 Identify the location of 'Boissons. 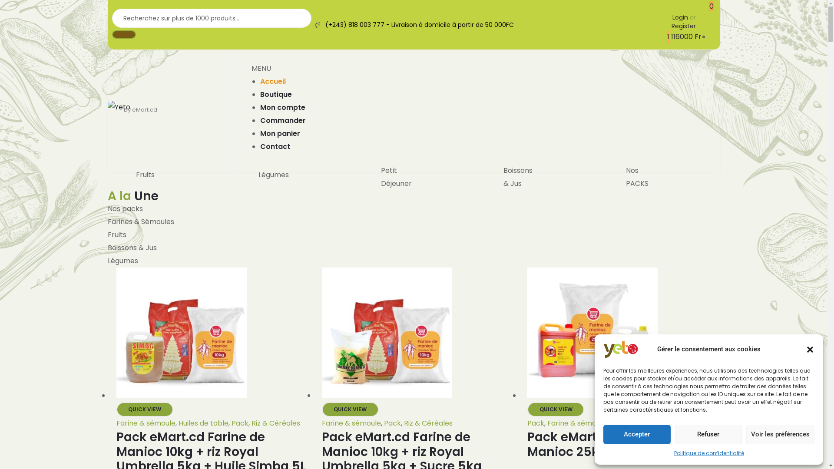
(503, 176).